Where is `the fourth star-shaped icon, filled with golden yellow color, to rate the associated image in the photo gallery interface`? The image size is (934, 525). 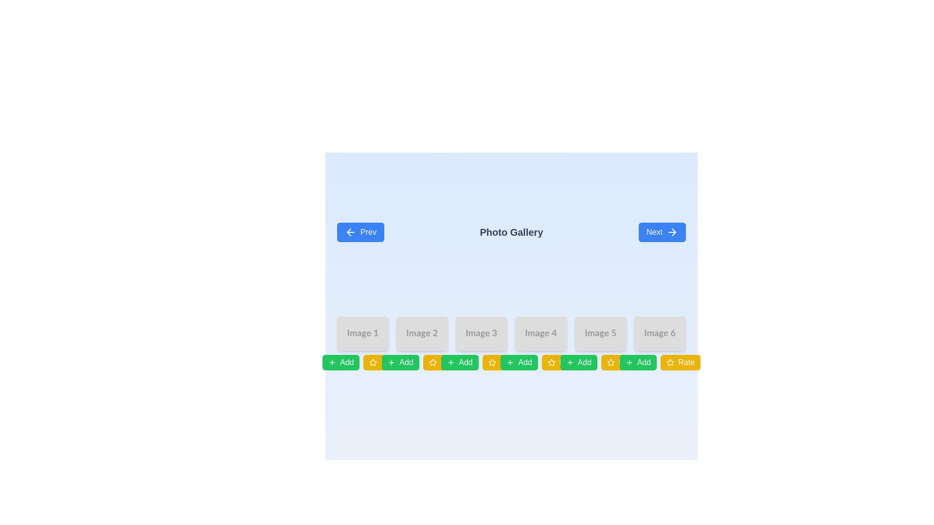 the fourth star-shaped icon, filled with golden yellow color, to rate the associated image in the photo gallery interface is located at coordinates (492, 362).